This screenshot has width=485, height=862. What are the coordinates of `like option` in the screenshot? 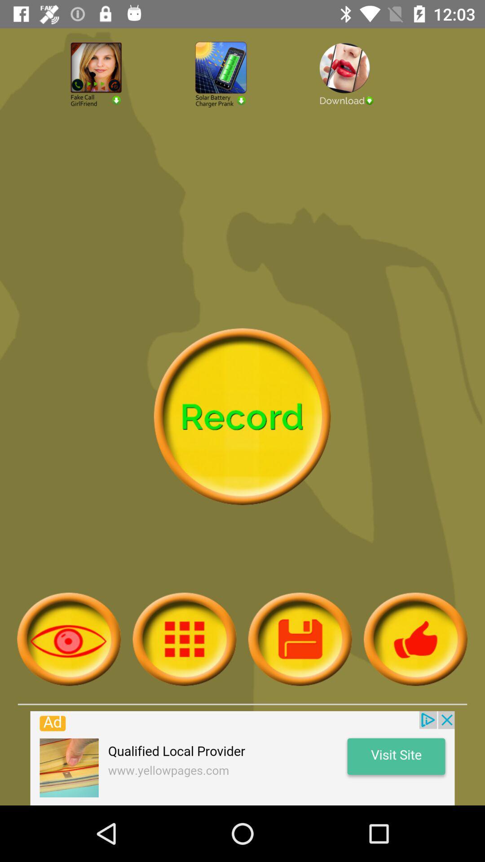 It's located at (415, 638).